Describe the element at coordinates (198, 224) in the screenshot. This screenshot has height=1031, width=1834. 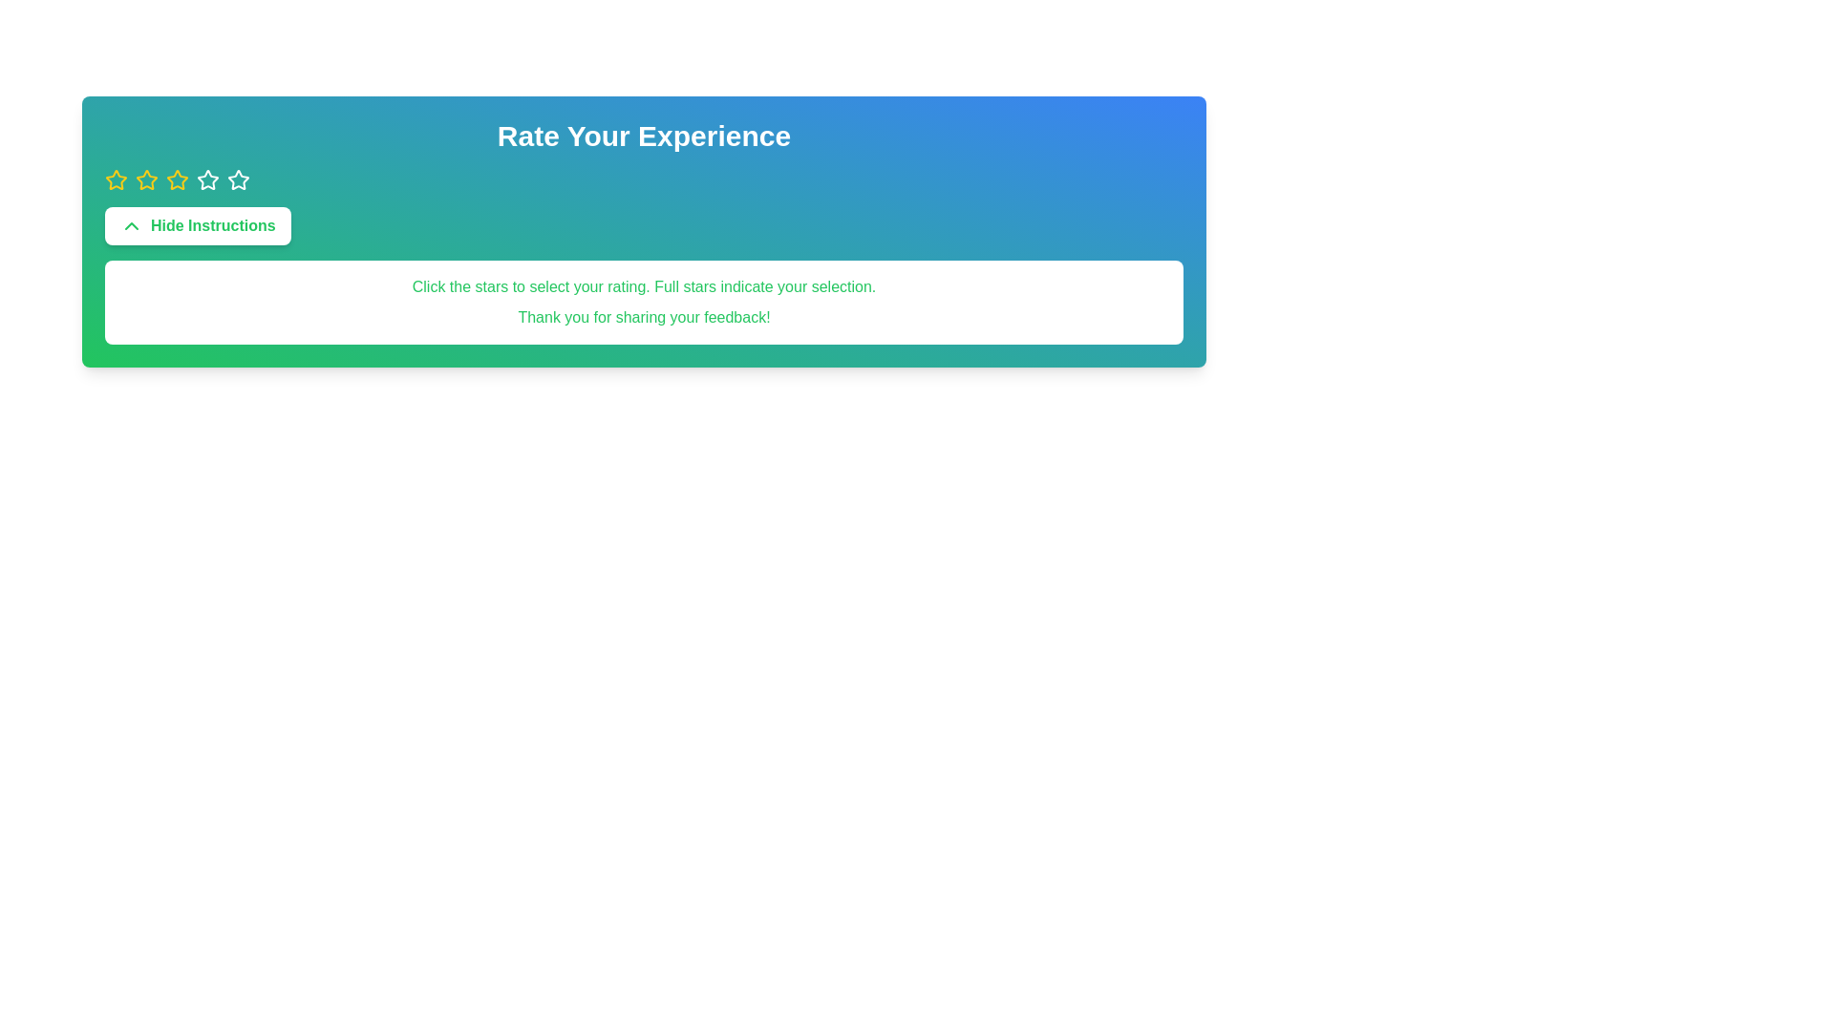
I see `the button that toggles the visibility of accompanying instructions in the 'Rate Your Experience' section, located beneath the star rating elements and above the instructional text` at that location.